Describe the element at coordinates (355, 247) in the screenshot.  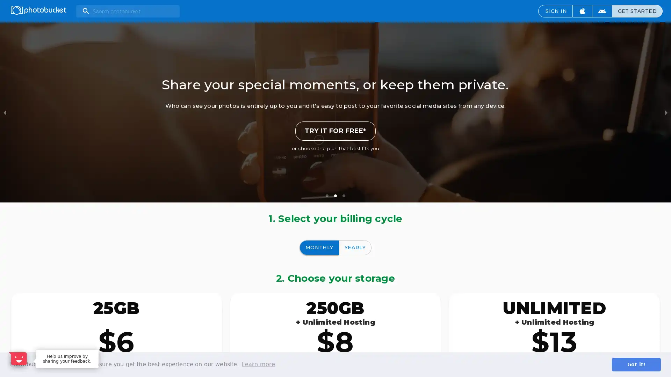
I see `YEARLY` at that location.